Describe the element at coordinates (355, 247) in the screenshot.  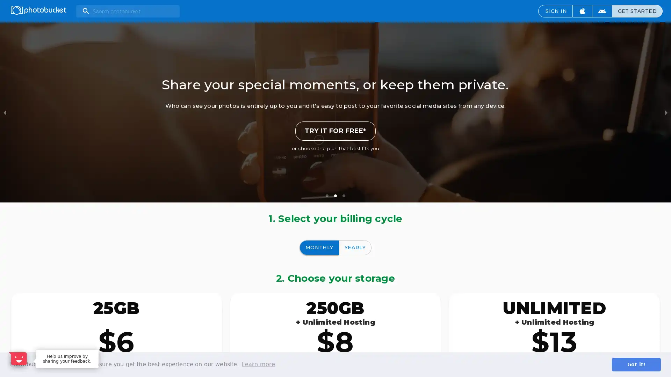
I see `YEARLY` at that location.